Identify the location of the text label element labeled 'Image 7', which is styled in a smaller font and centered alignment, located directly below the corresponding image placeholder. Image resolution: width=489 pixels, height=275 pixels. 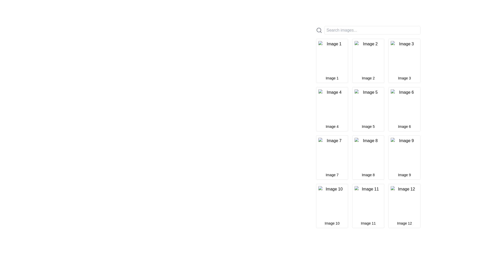
(332, 174).